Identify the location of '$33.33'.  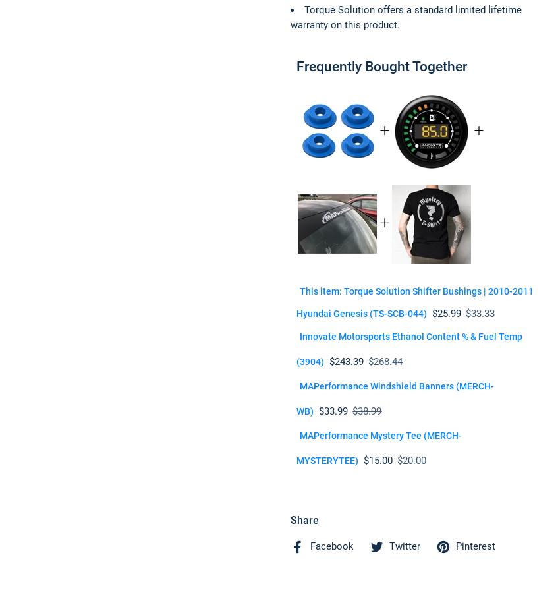
(480, 313).